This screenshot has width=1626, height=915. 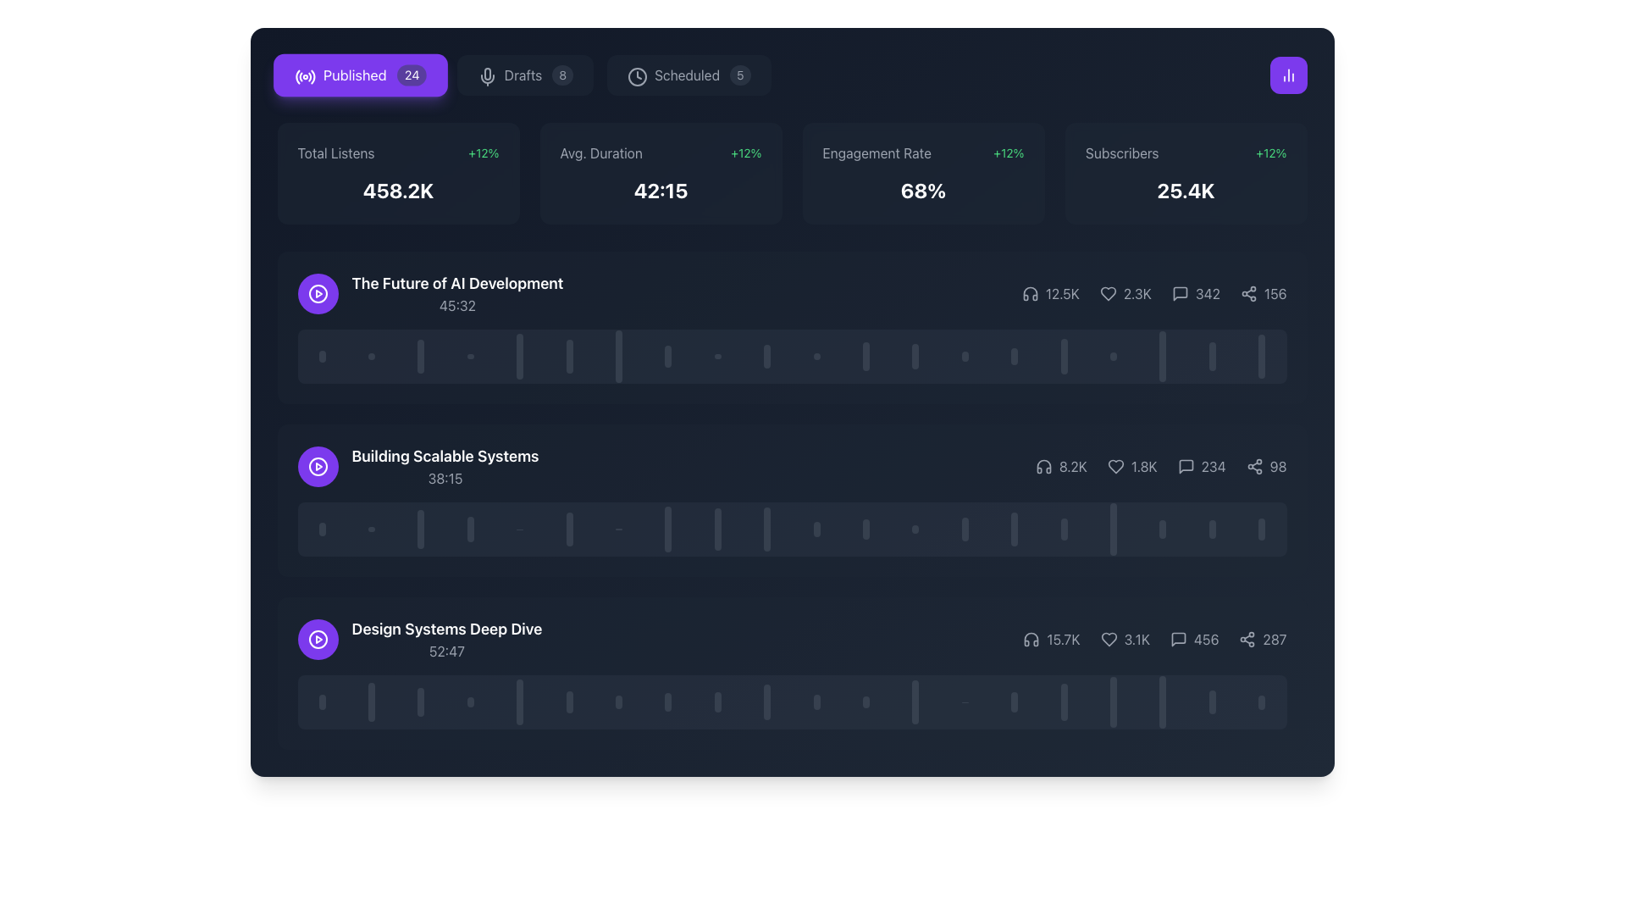 What do you see at coordinates (336, 153) in the screenshot?
I see `the static text label 'Total Listens' which is styled in gray and positioned at the top-left corner of a card-like section in the interface` at bounding box center [336, 153].